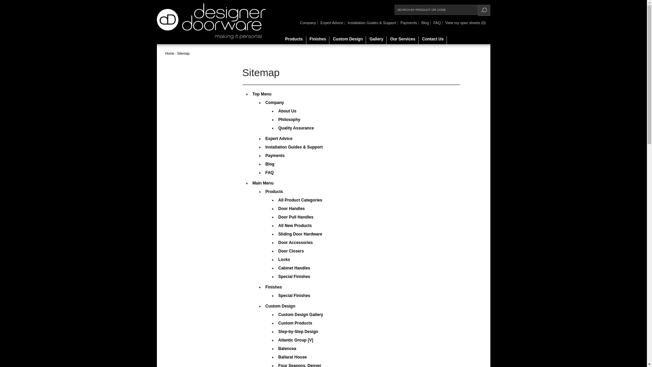  Describe the element at coordinates (296, 128) in the screenshot. I see `'Quality Assurance'` at that location.